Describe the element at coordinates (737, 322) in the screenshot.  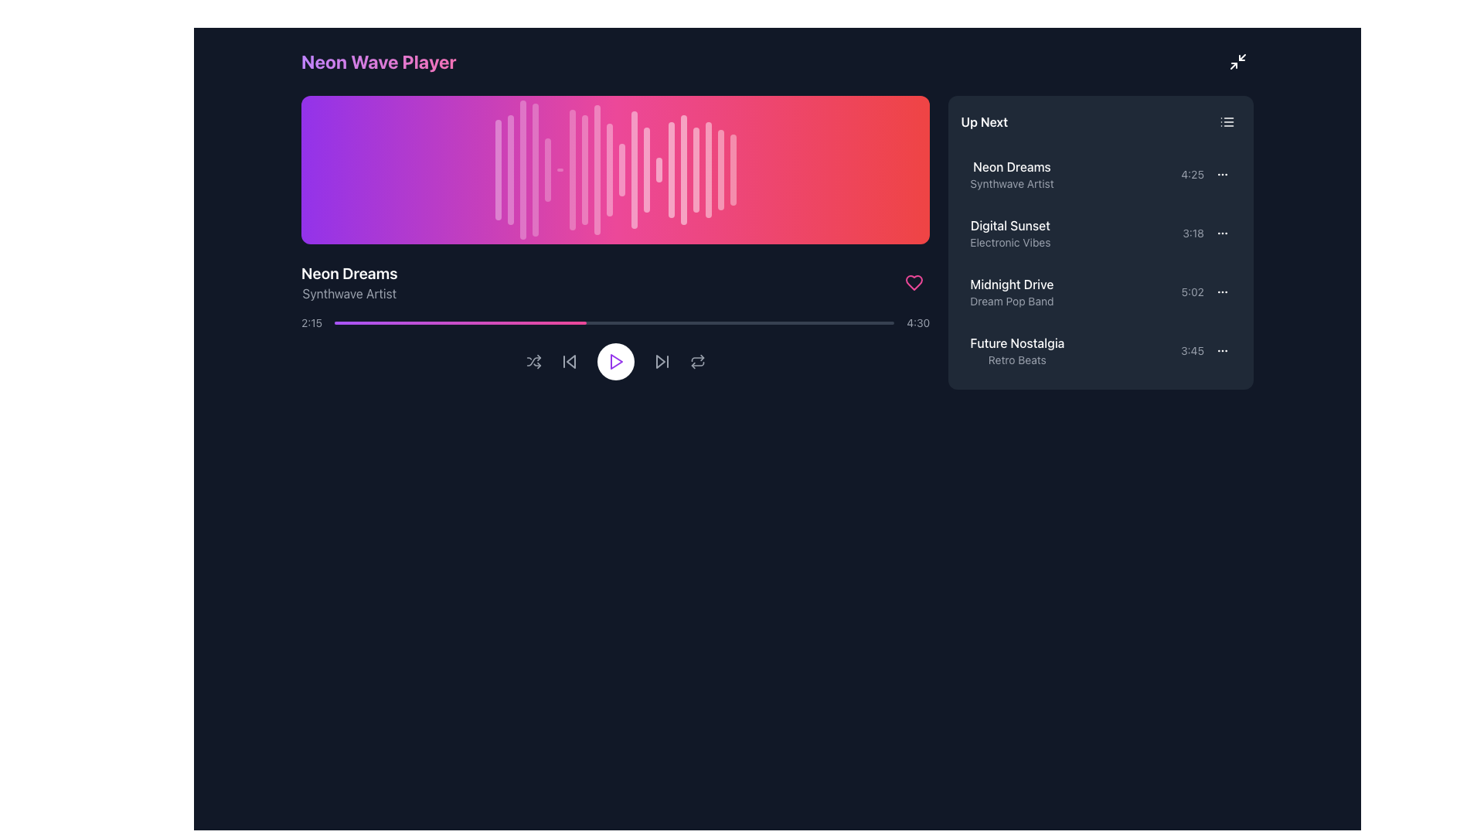
I see `playback position` at that location.